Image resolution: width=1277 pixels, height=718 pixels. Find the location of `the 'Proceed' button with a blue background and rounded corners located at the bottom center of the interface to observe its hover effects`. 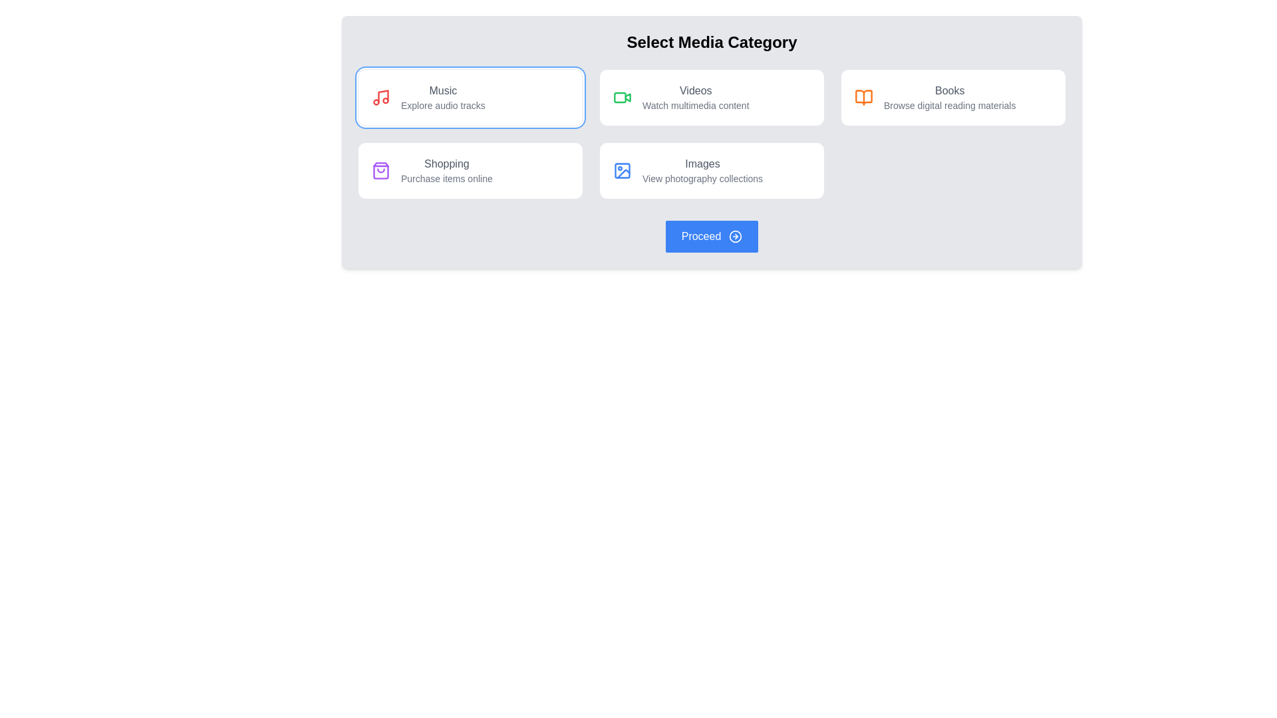

the 'Proceed' button with a blue background and rounded corners located at the bottom center of the interface to observe its hover effects is located at coordinates (711, 235).